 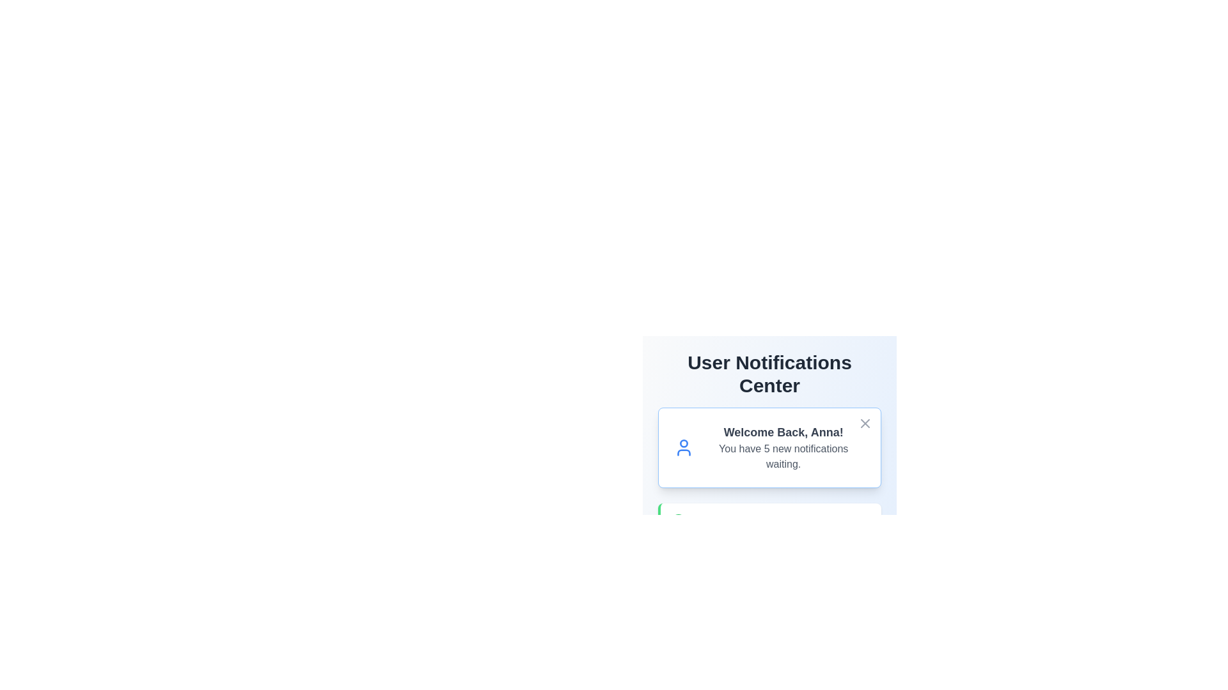 I want to click on the small gray 'X' icon button located at the top-right corner of the notification panel, so click(x=865, y=424).